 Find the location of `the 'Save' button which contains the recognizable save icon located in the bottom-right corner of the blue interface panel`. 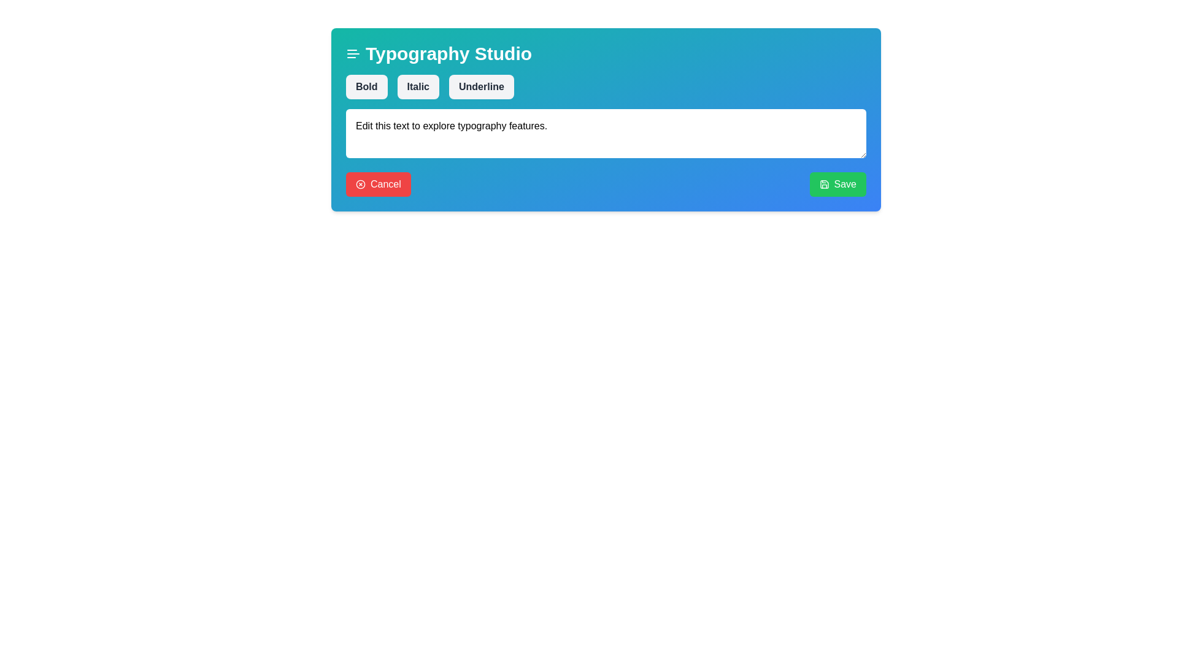

the 'Save' button which contains the recognizable save icon located in the bottom-right corner of the blue interface panel is located at coordinates (824, 184).